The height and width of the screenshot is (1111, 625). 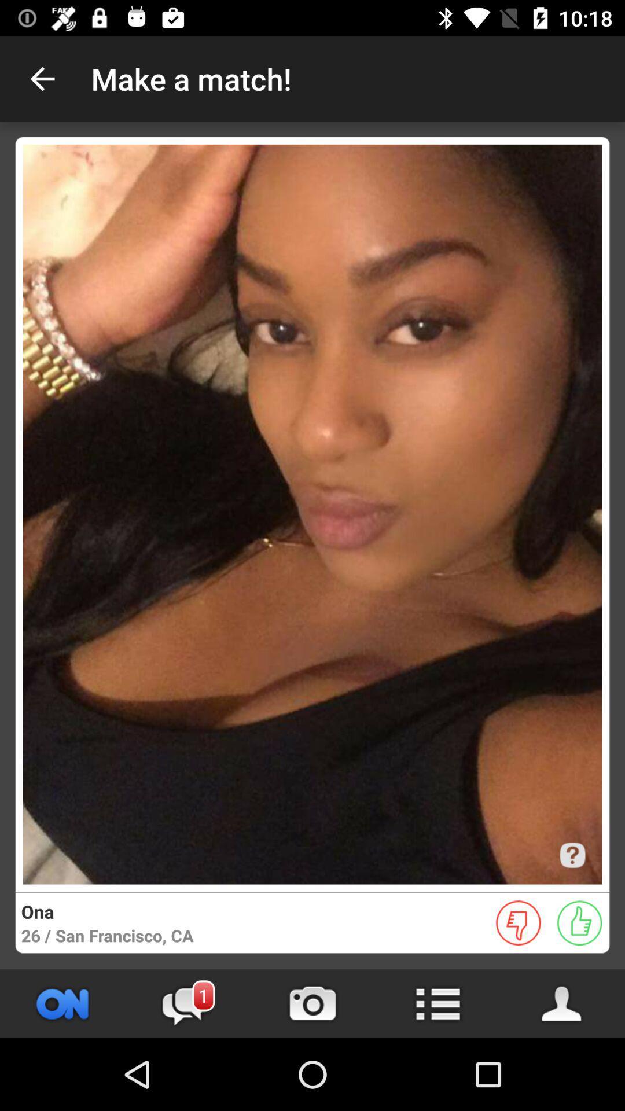 I want to click on the list icon, so click(x=437, y=1003).